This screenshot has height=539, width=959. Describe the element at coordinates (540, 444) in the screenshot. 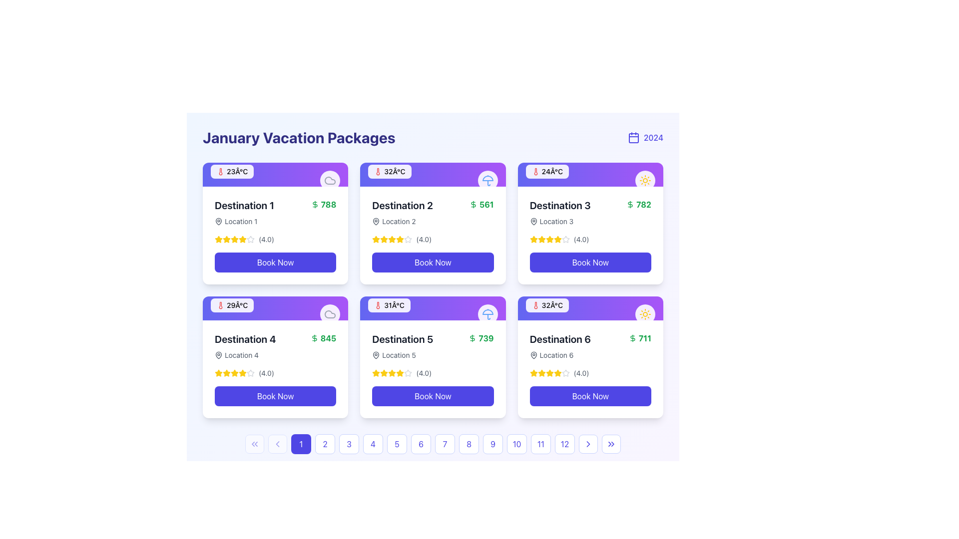

I see `the rounded square button with a white background and indigo text displaying '11'` at that location.